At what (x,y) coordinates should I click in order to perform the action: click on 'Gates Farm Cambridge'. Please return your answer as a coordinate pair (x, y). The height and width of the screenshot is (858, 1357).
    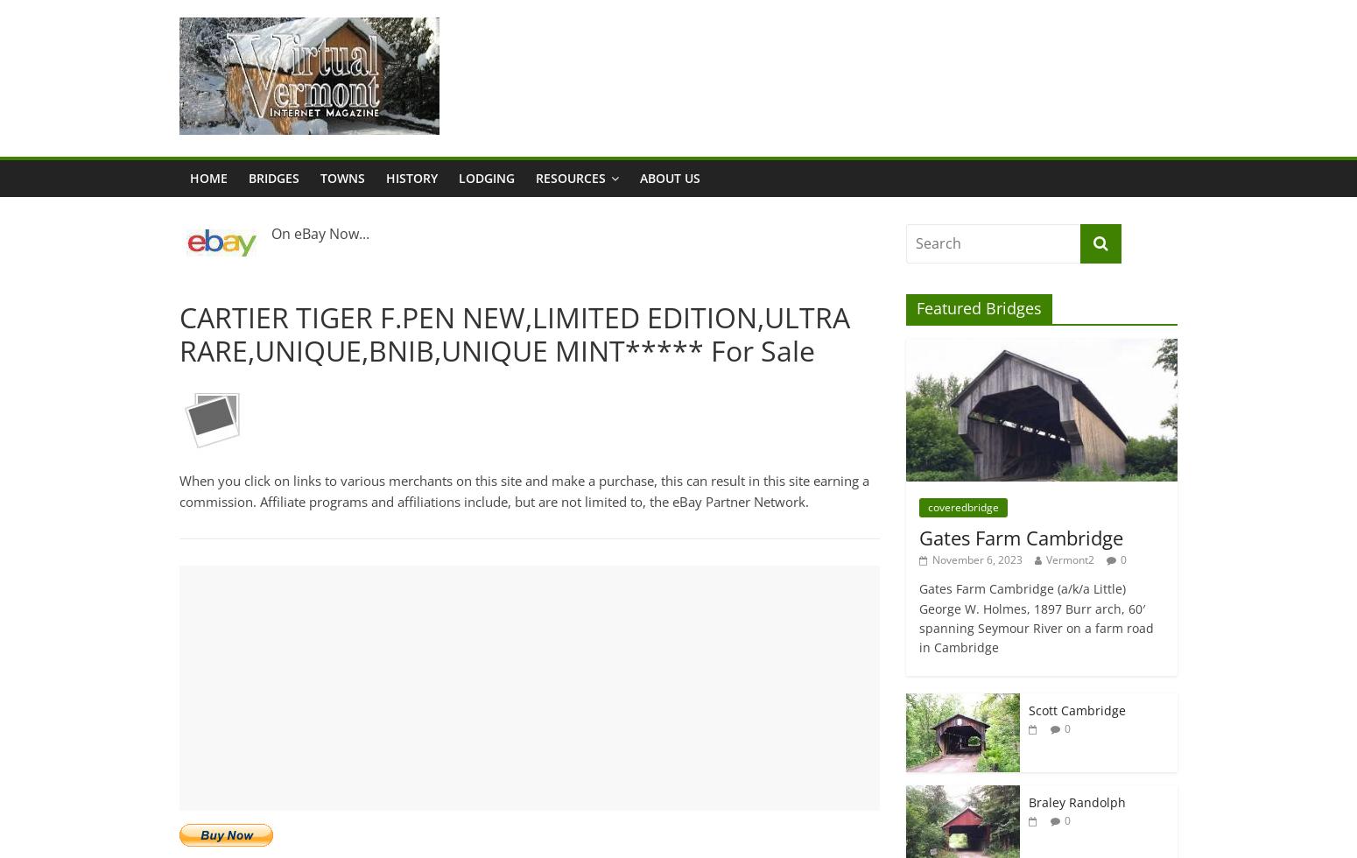
    Looking at the image, I should click on (1021, 537).